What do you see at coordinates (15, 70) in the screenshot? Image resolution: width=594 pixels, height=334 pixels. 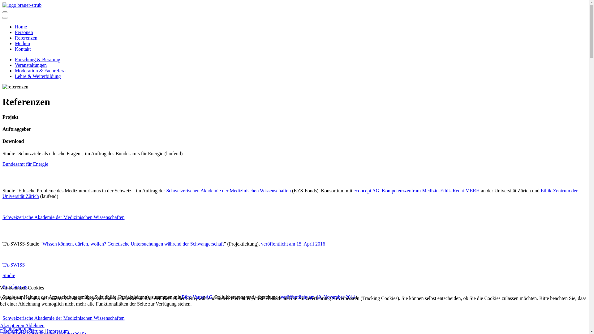 I see `'Moderation & Fachreferat'` at bounding box center [15, 70].